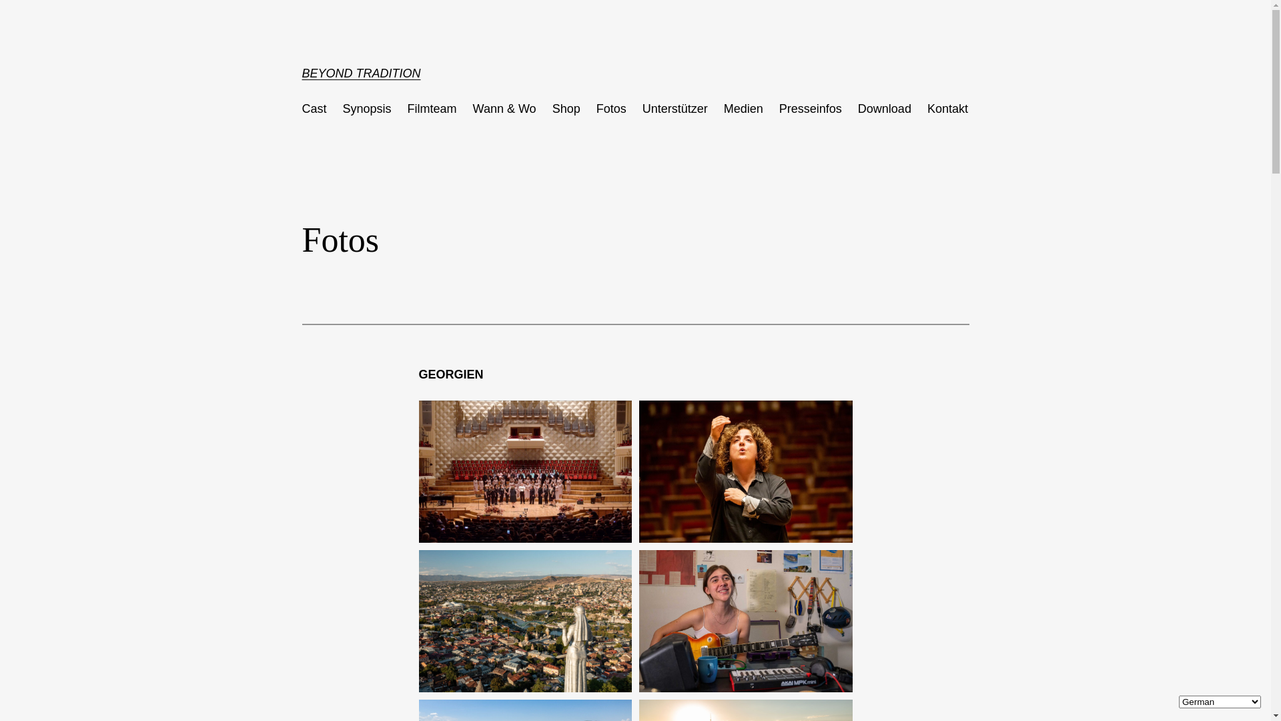 The width and height of the screenshot is (1281, 721). What do you see at coordinates (743, 108) in the screenshot?
I see `'Medien'` at bounding box center [743, 108].